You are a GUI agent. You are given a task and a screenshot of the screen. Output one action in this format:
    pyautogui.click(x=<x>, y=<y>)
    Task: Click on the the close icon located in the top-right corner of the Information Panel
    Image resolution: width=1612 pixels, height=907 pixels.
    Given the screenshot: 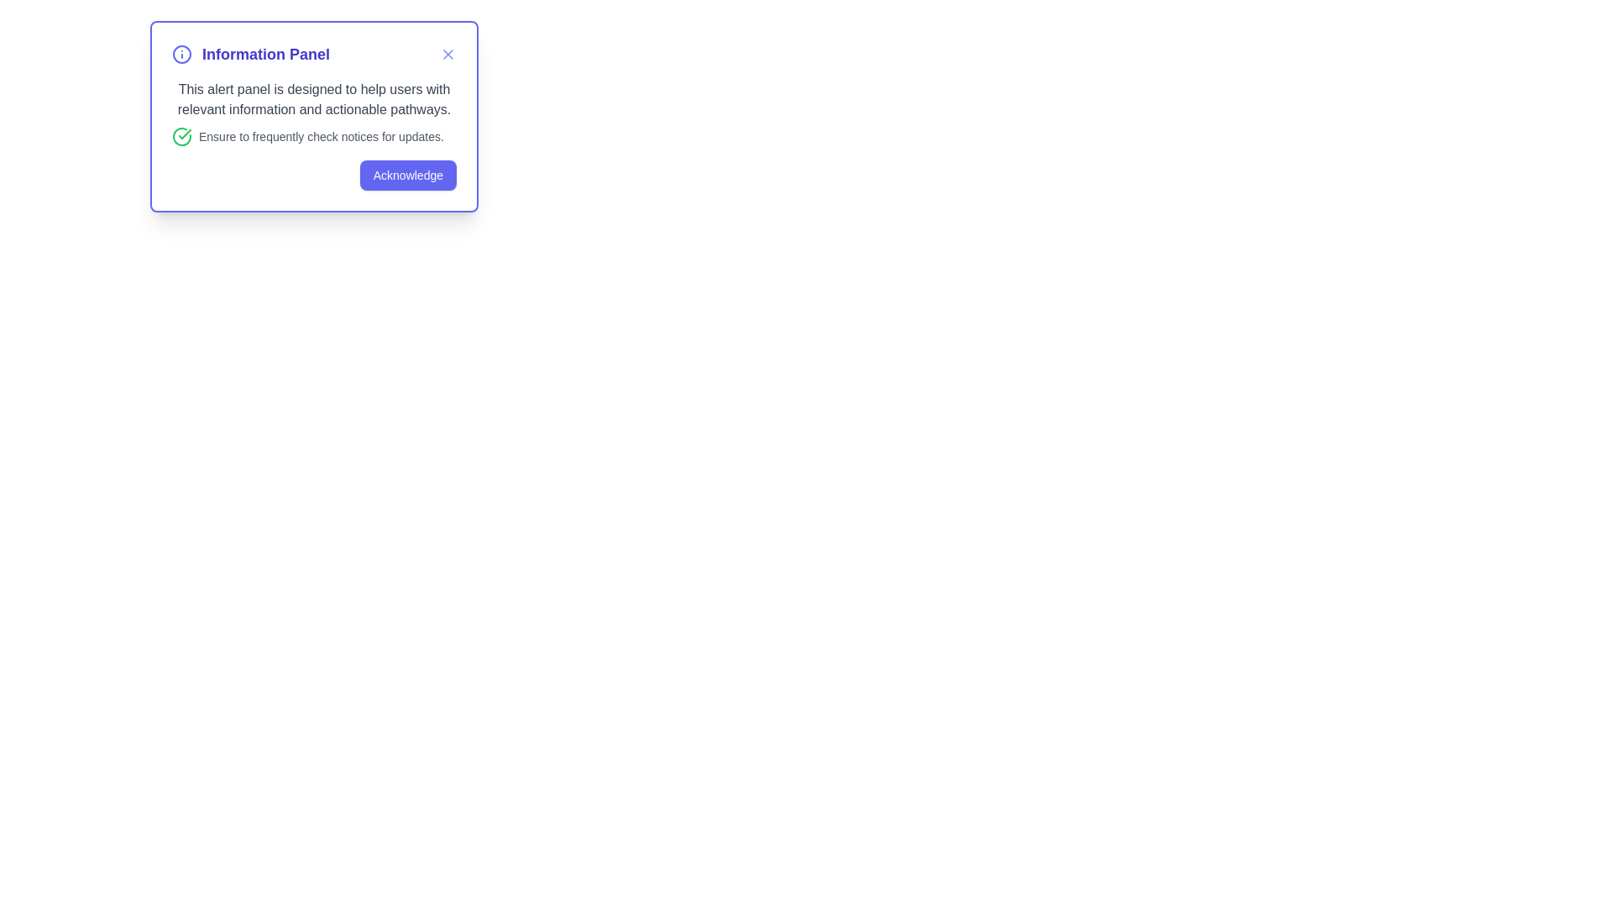 What is the action you would take?
    pyautogui.click(x=447, y=54)
    